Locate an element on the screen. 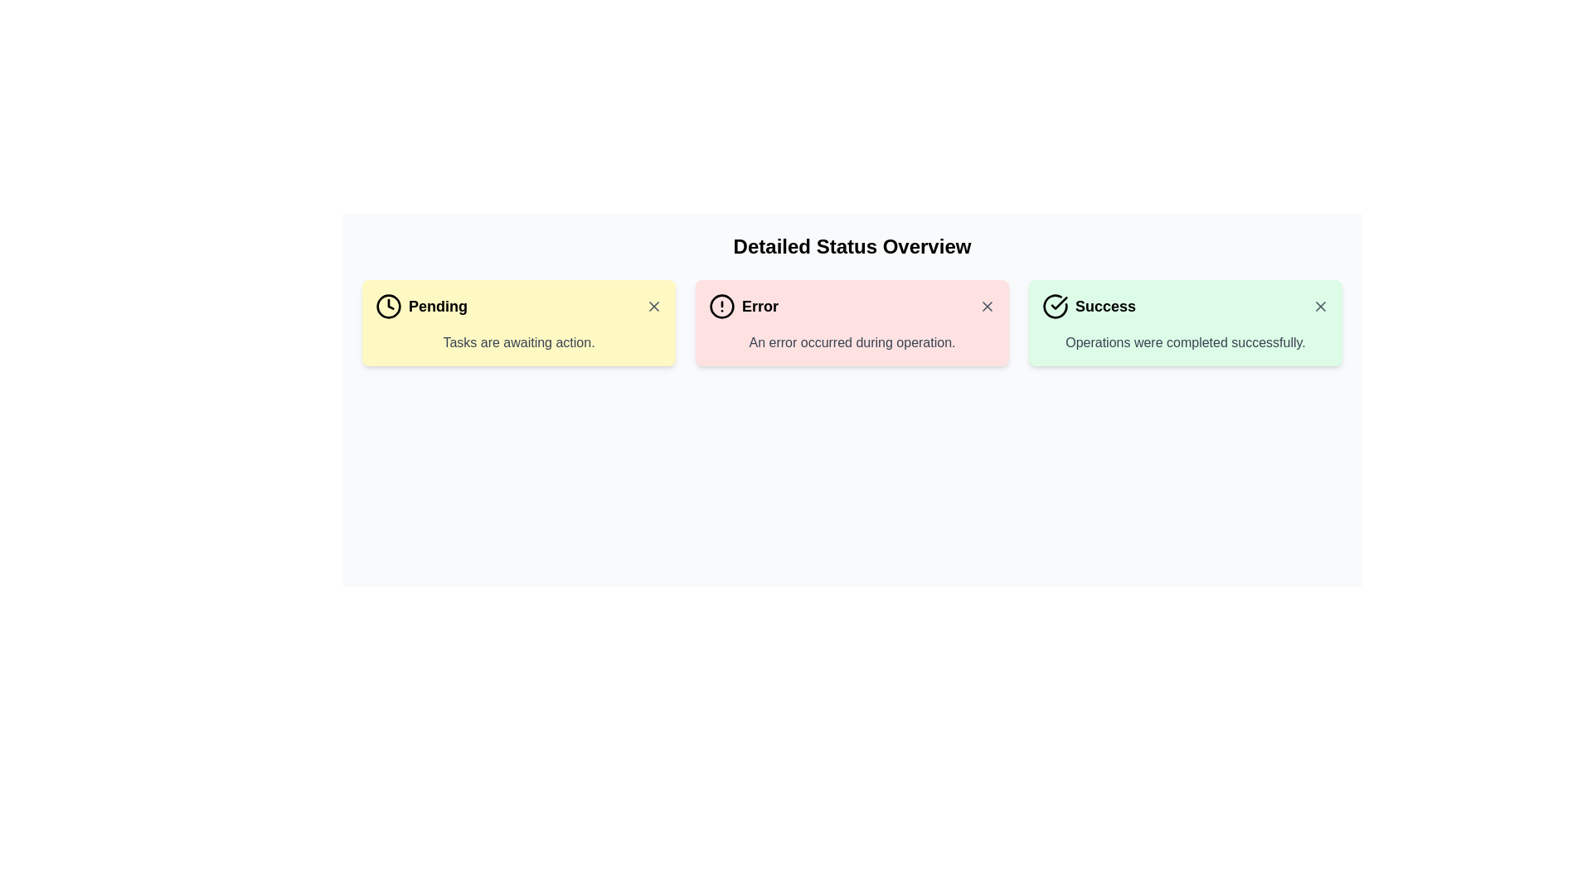  the status represented by the 'Pending' icon located in the first status card, to the left of the text 'Pending' is located at coordinates (388, 307).